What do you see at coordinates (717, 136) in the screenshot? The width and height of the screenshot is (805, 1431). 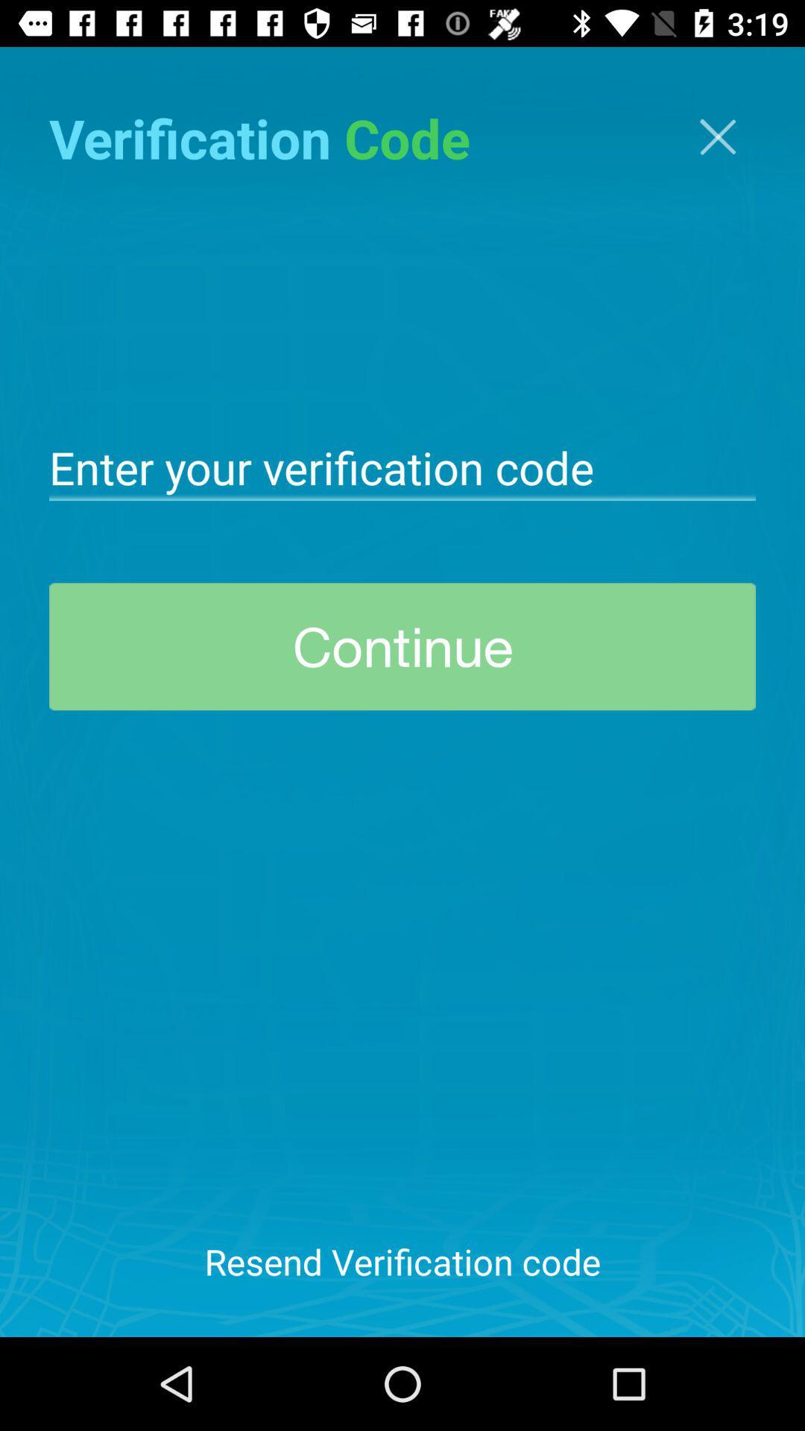 I see `the icon next to the verification code` at bounding box center [717, 136].